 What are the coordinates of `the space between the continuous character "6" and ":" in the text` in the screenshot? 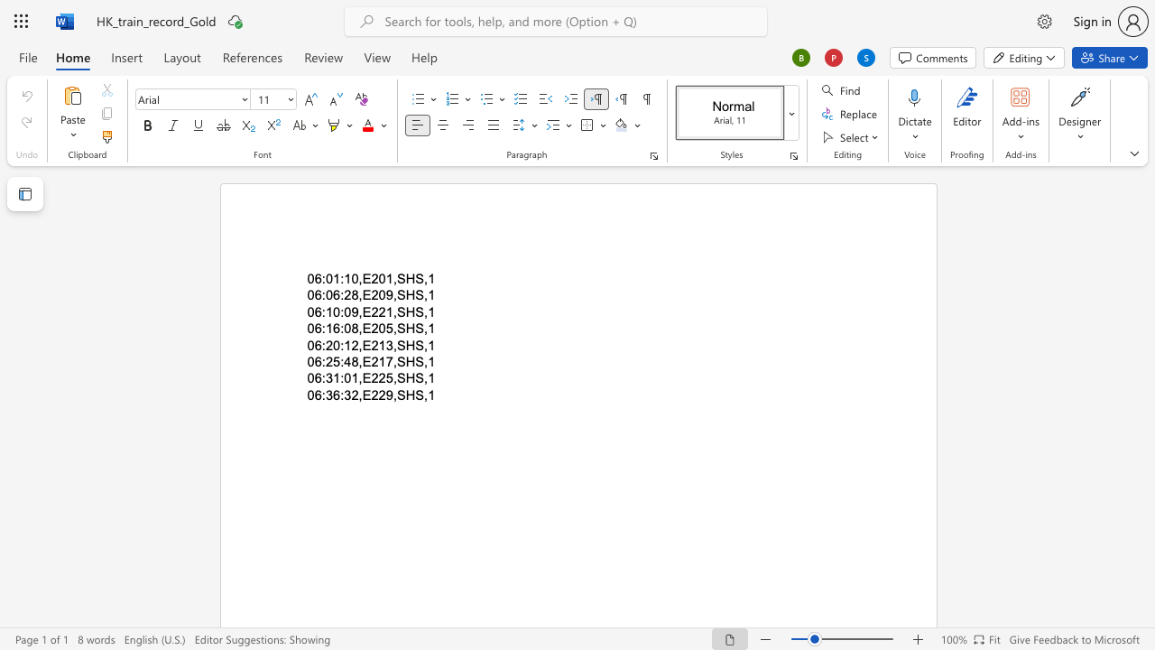 It's located at (320, 279).